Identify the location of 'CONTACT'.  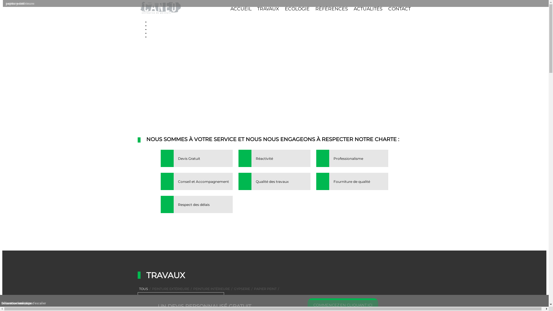
(388, 9).